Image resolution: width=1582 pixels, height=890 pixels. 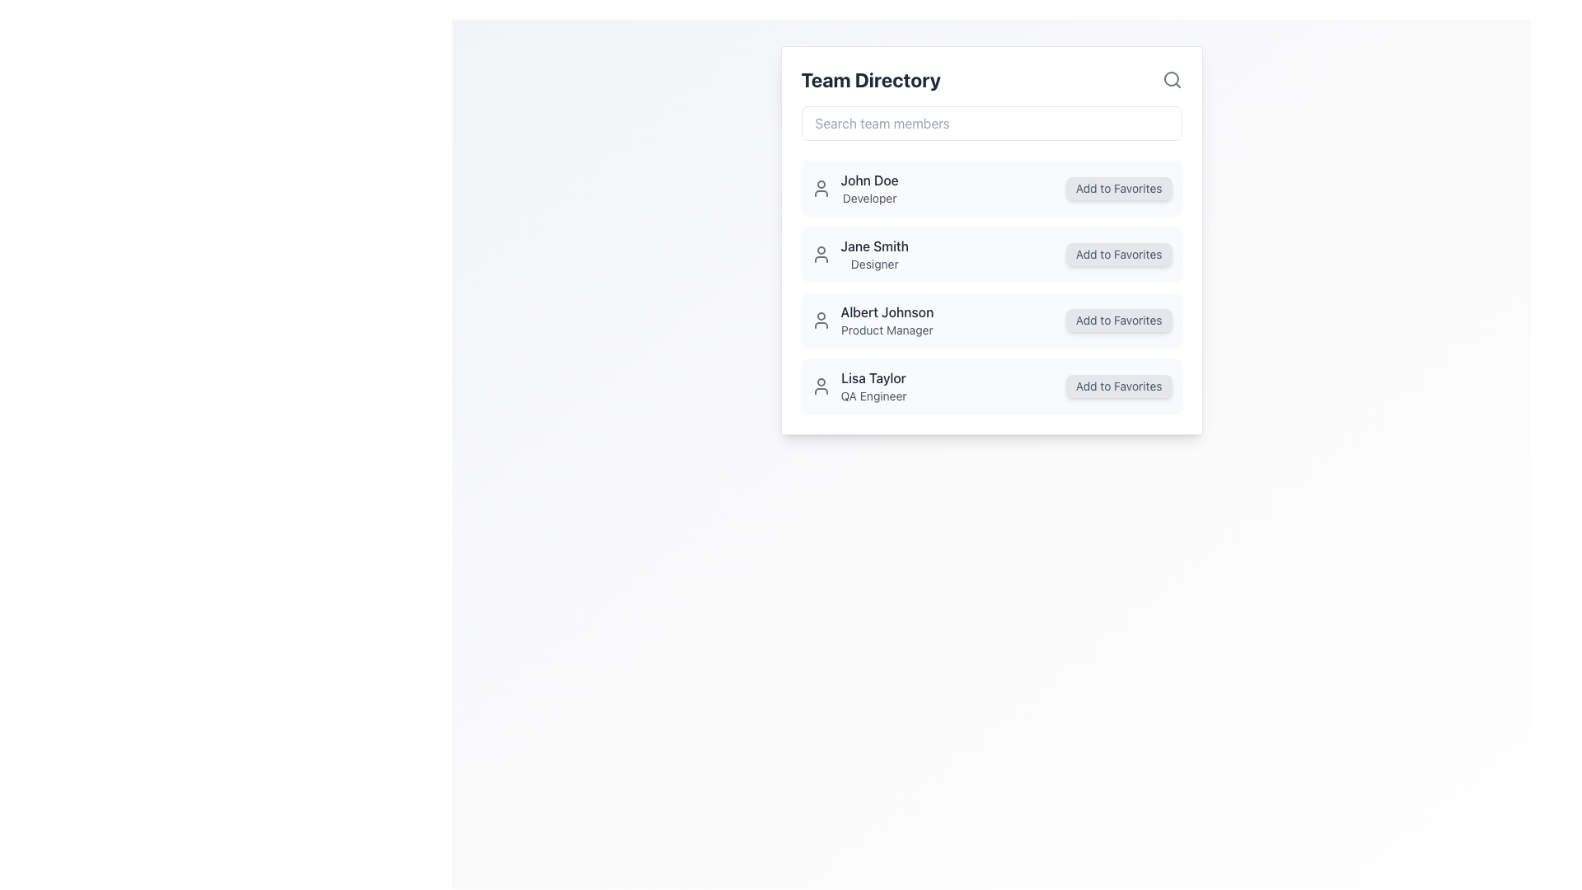 I want to click on the first Profile Card in the Team Directory section, so click(x=990, y=187).